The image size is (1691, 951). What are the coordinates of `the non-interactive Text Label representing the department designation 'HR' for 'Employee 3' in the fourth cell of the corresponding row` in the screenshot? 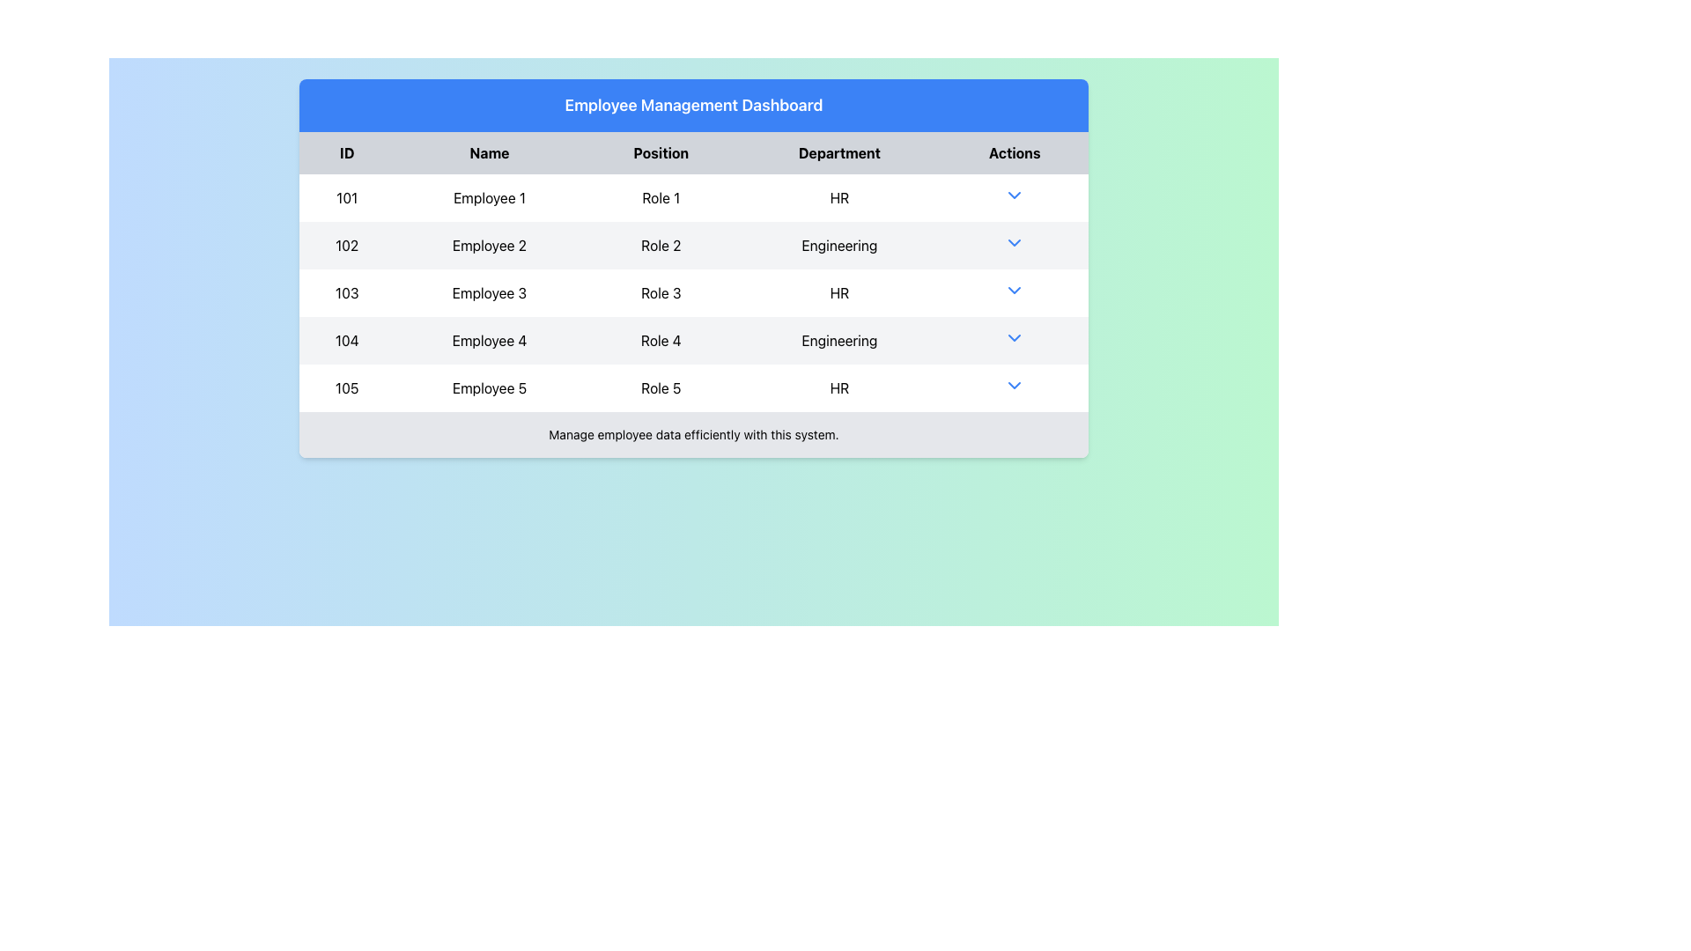 It's located at (838, 291).